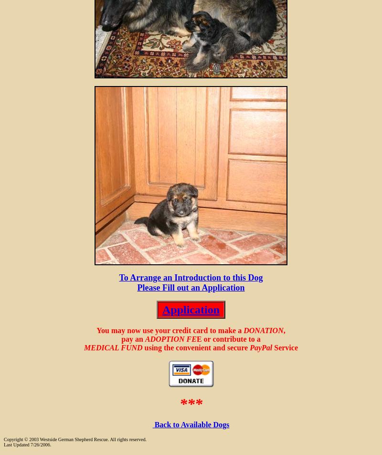 The height and width of the screenshot is (455, 382). What do you see at coordinates (170, 330) in the screenshot?
I see `'You may now use your
      credit card to make a'` at bounding box center [170, 330].